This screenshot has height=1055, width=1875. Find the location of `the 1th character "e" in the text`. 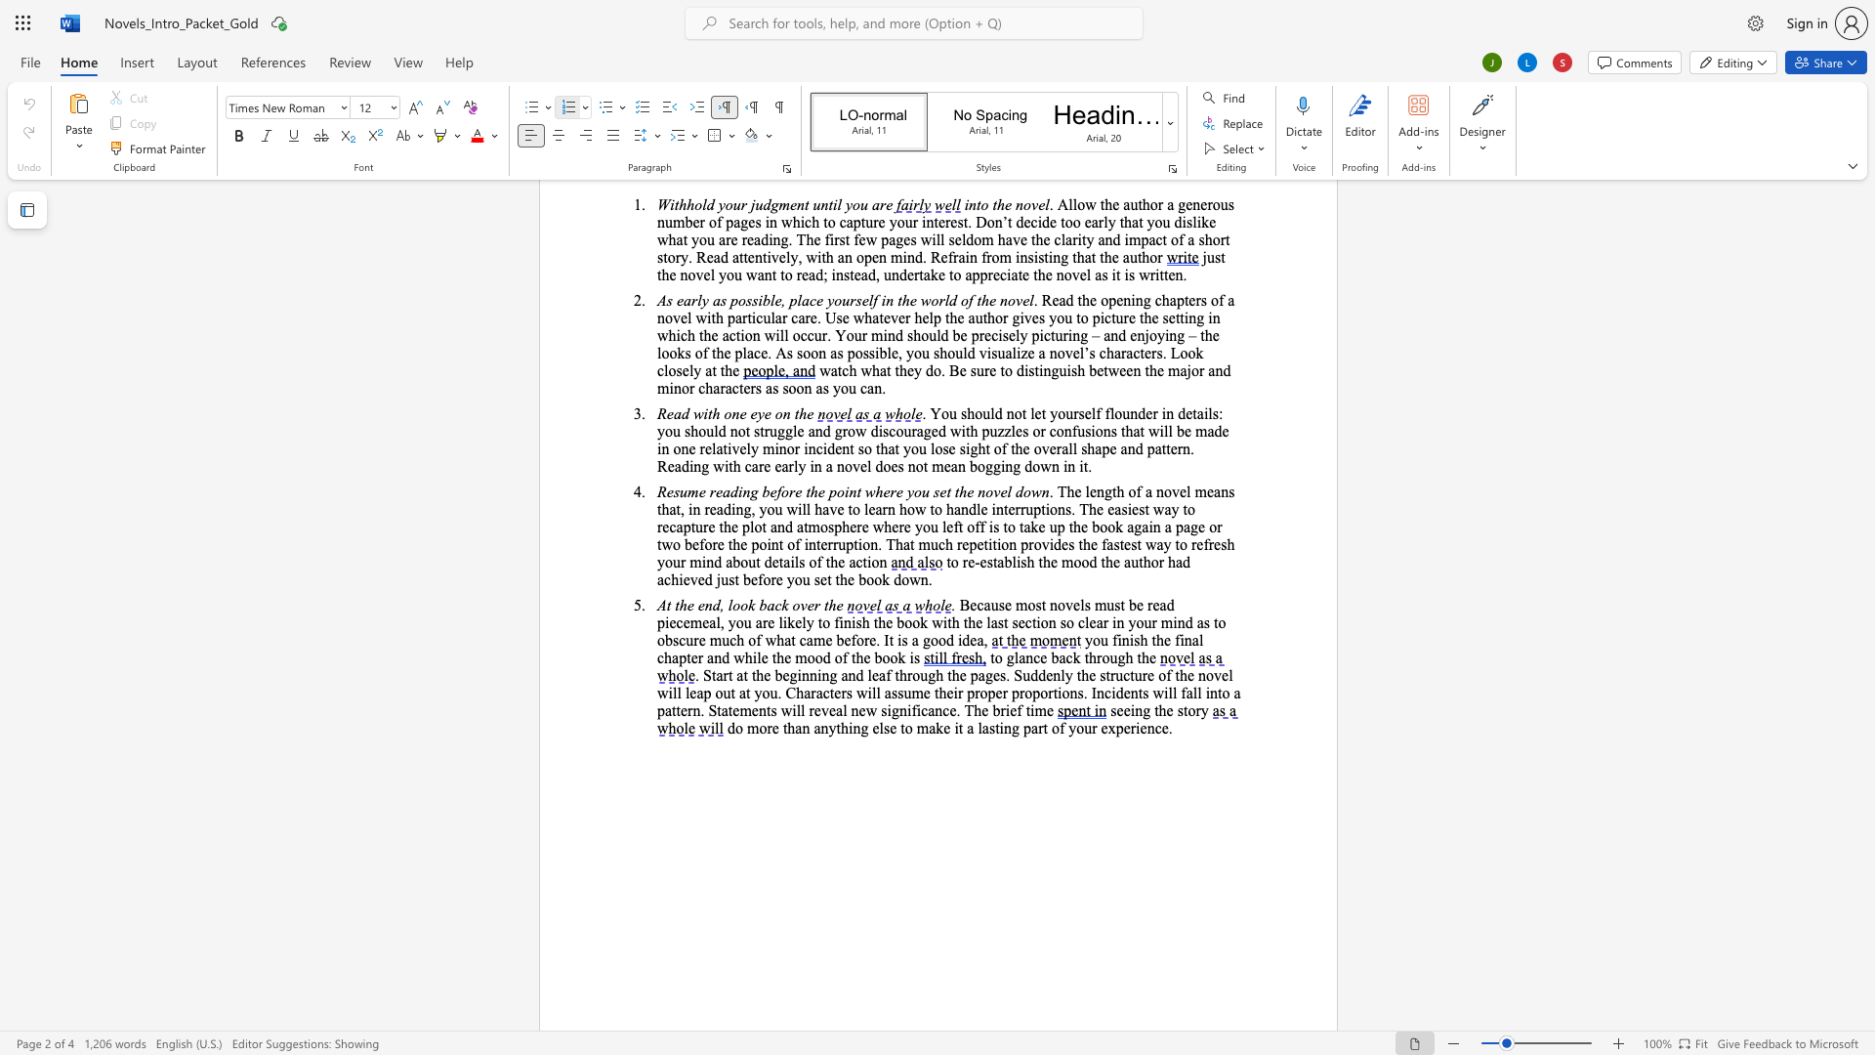

the 1th character "e" in the text is located at coordinates (1094, 544).